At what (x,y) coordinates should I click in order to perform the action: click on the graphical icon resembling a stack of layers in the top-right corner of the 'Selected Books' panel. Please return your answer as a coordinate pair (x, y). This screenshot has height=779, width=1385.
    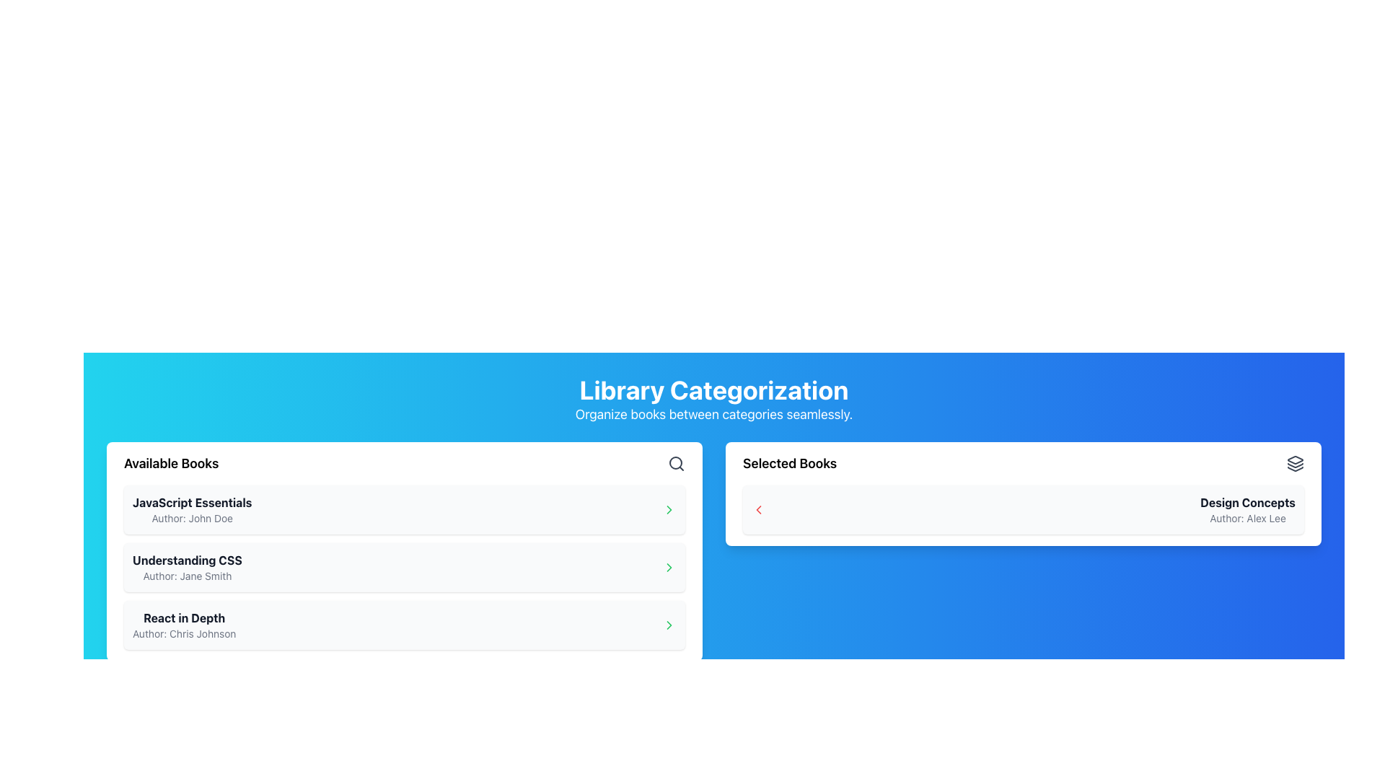
    Looking at the image, I should click on (1295, 464).